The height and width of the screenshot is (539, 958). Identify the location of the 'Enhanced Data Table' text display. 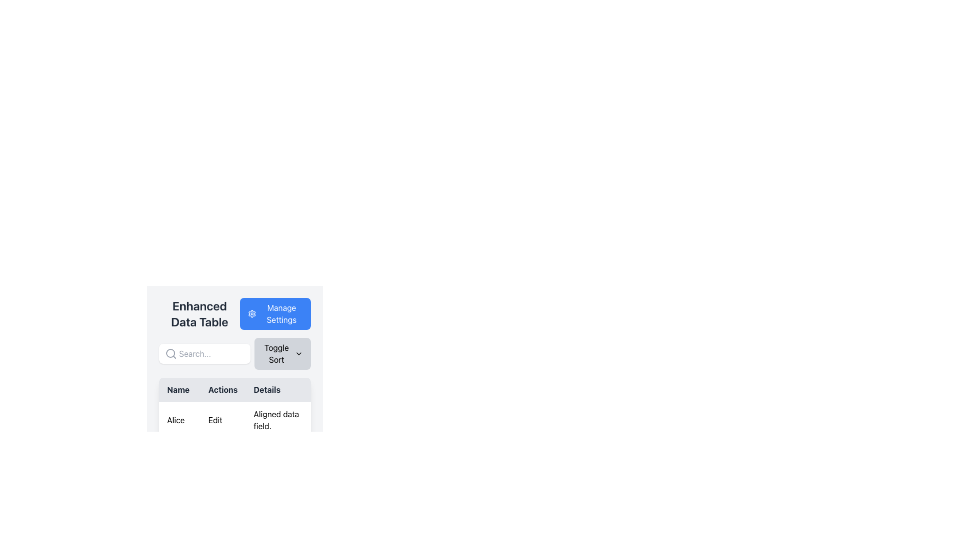
(200, 313).